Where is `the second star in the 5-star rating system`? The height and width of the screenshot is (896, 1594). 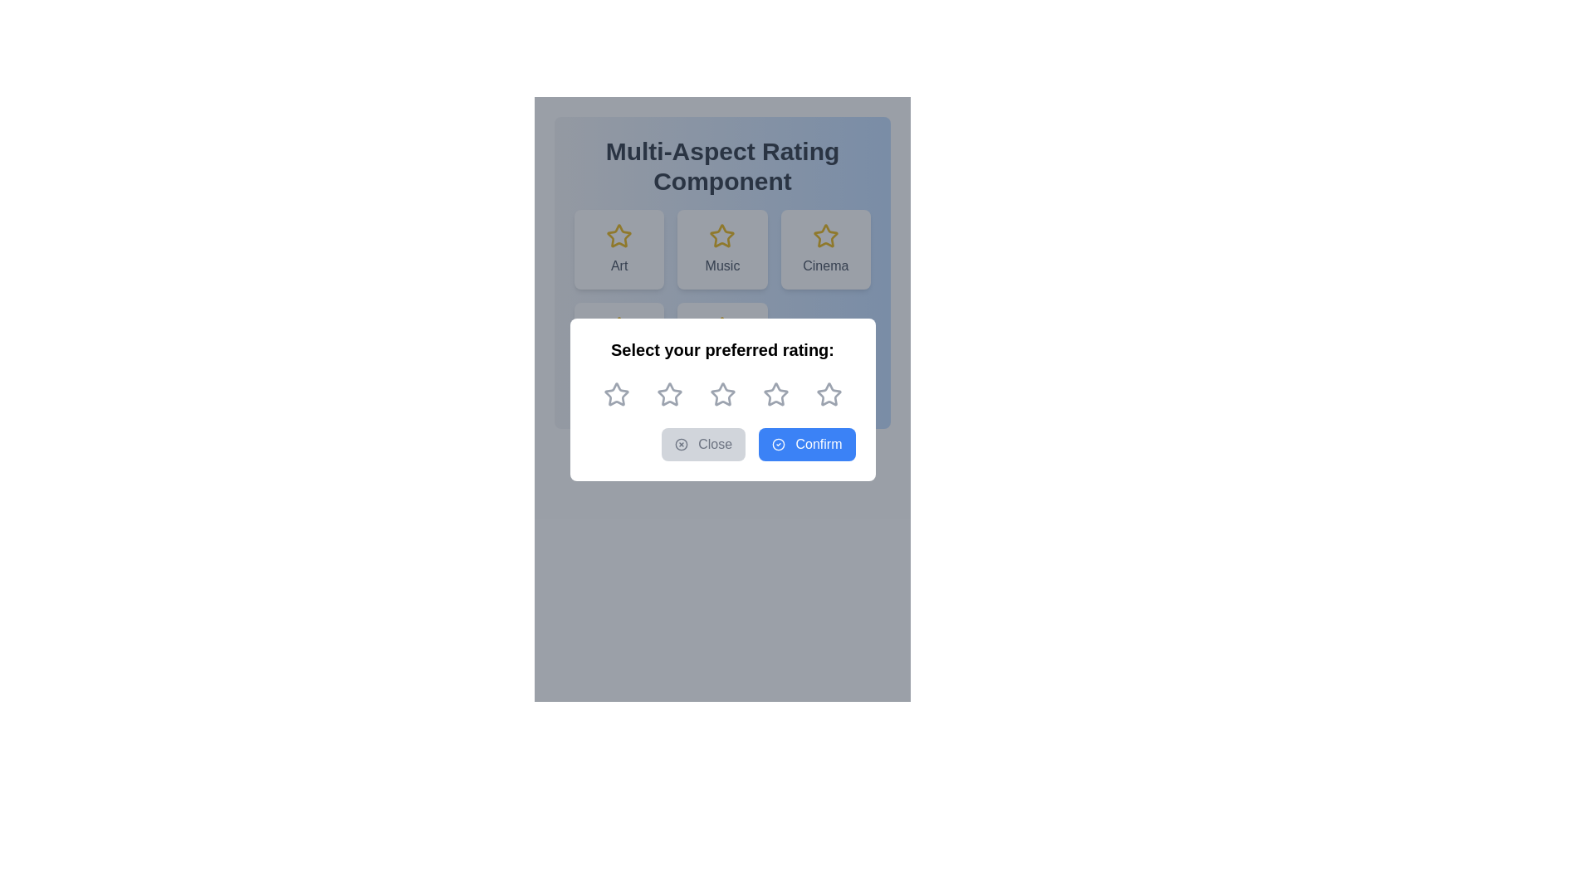
the second star in the 5-star rating system is located at coordinates (722, 393).